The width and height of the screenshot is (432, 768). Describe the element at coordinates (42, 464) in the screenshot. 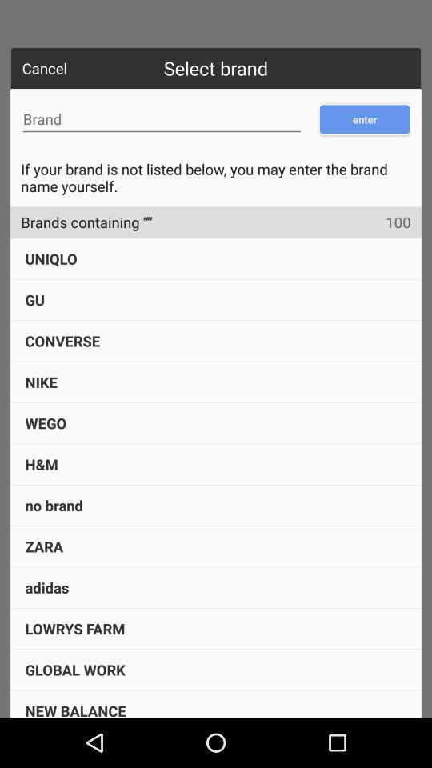

I see `item below wego item` at that location.